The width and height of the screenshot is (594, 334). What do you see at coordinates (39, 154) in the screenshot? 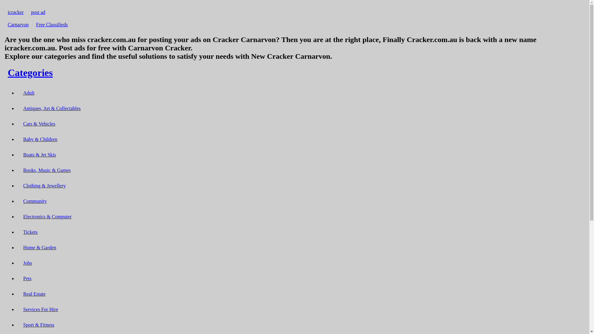
I see `'Boats & Jet Skis'` at bounding box center [39, 154].